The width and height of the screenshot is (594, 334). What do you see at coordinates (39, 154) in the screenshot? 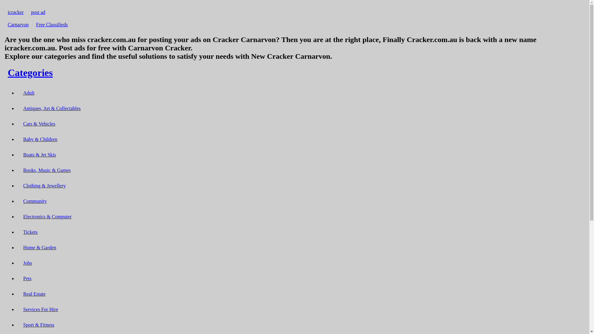
I see `'Boats & Jet Skis'` at bounding box center [39, 154].